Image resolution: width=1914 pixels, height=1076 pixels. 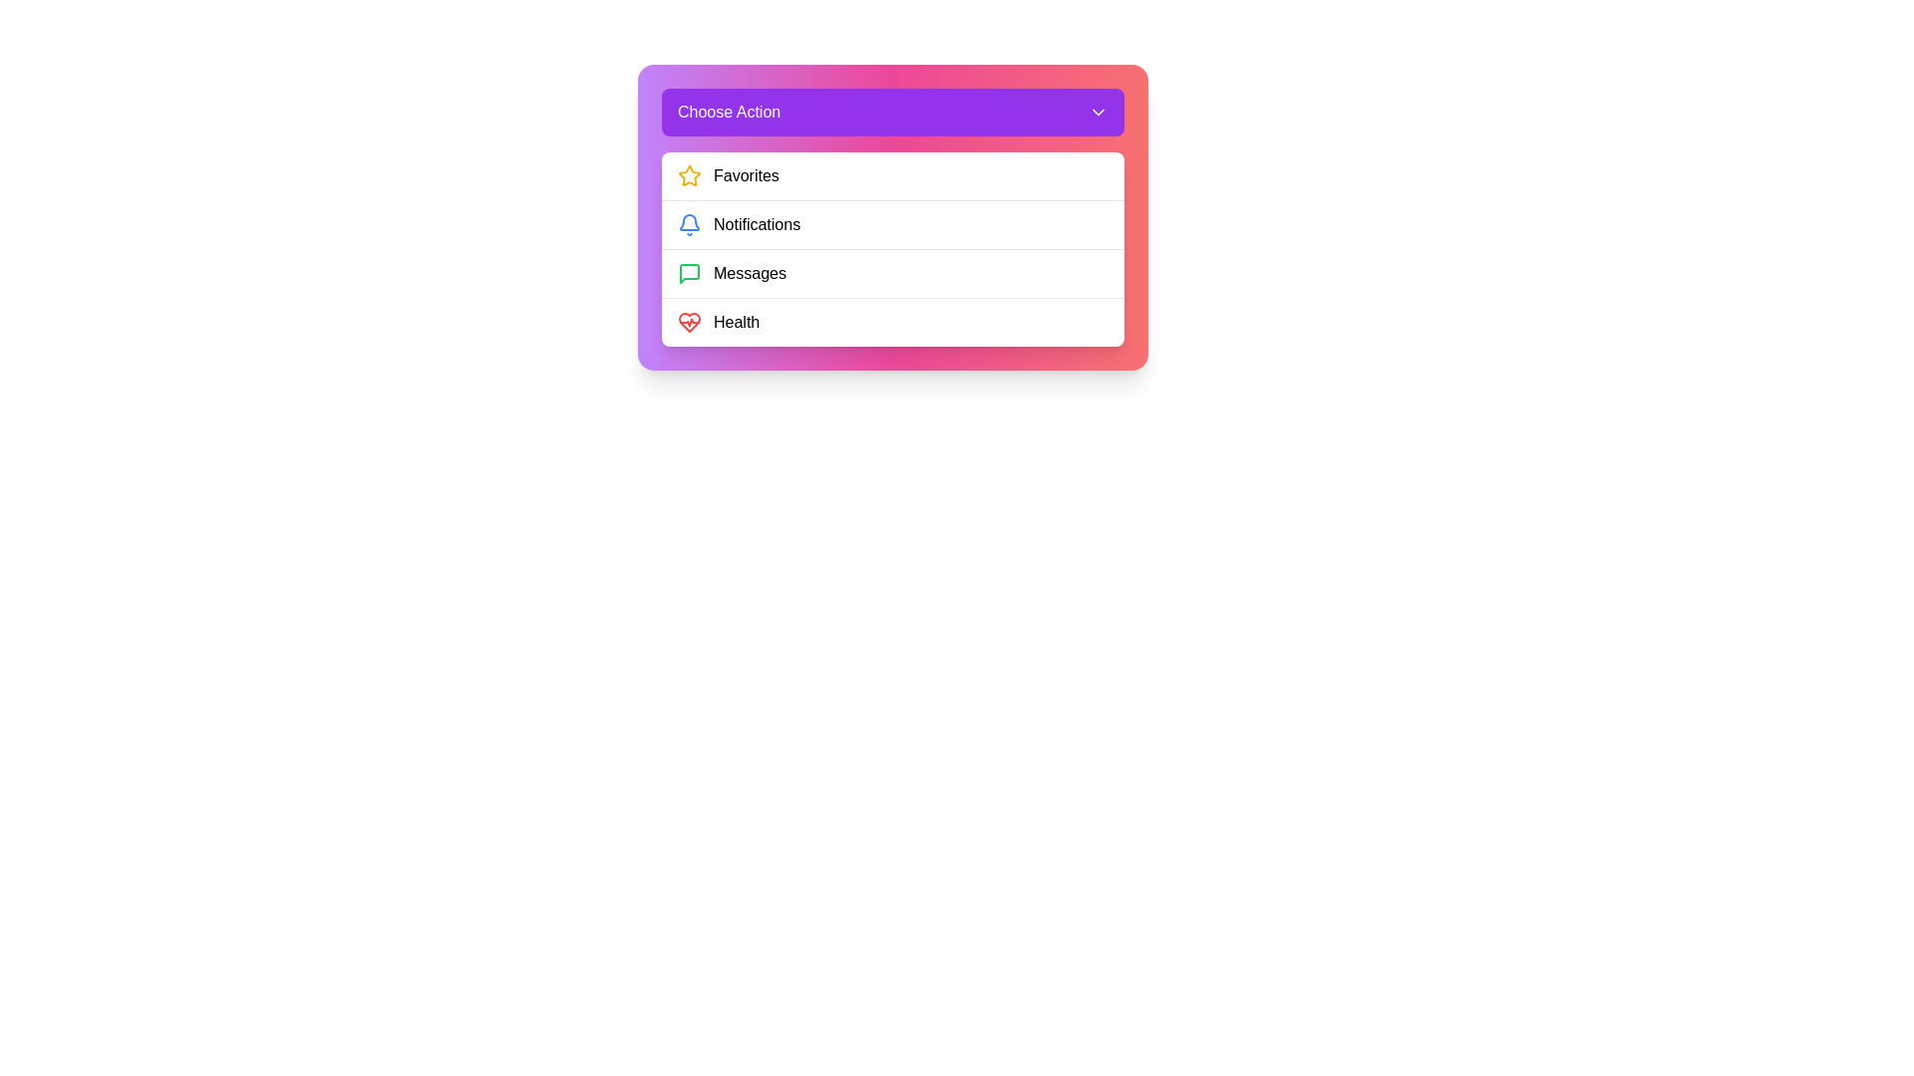 What do you see at coordinates (749, 273) in the screenshot?
I see `the 'Messages' text label, which is the third item in the options list under the 'Choose Action' header, styled in bold black font and positioned above the 'Health' option` at bounding box center [749, 273].